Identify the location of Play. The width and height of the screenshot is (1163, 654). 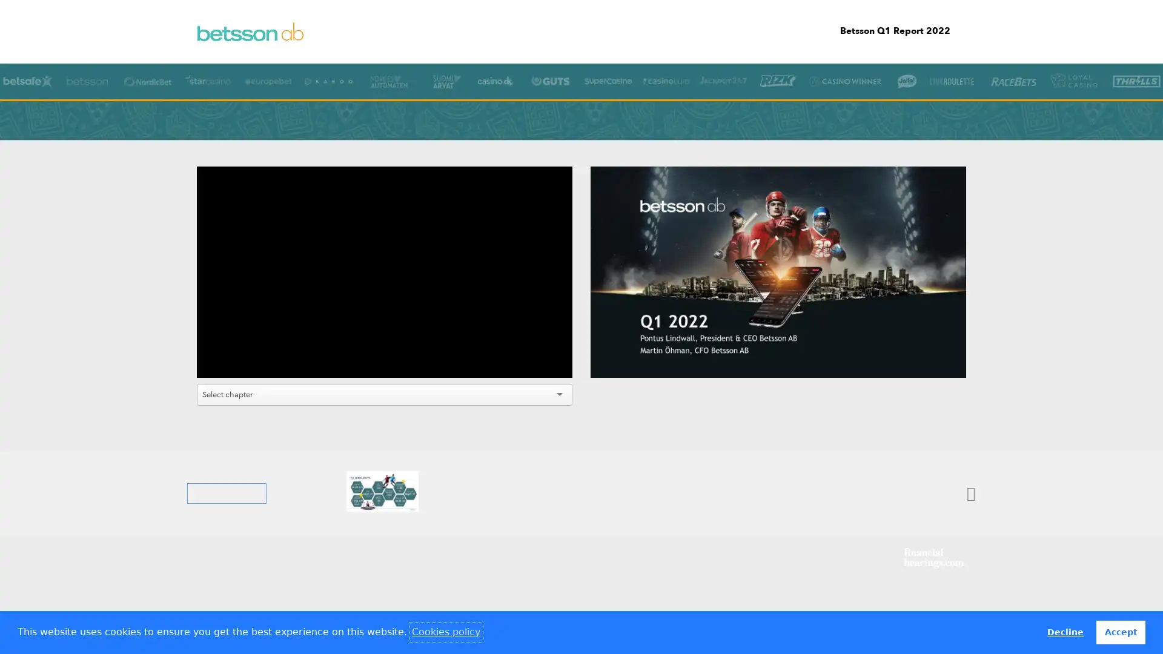
(386, 274).